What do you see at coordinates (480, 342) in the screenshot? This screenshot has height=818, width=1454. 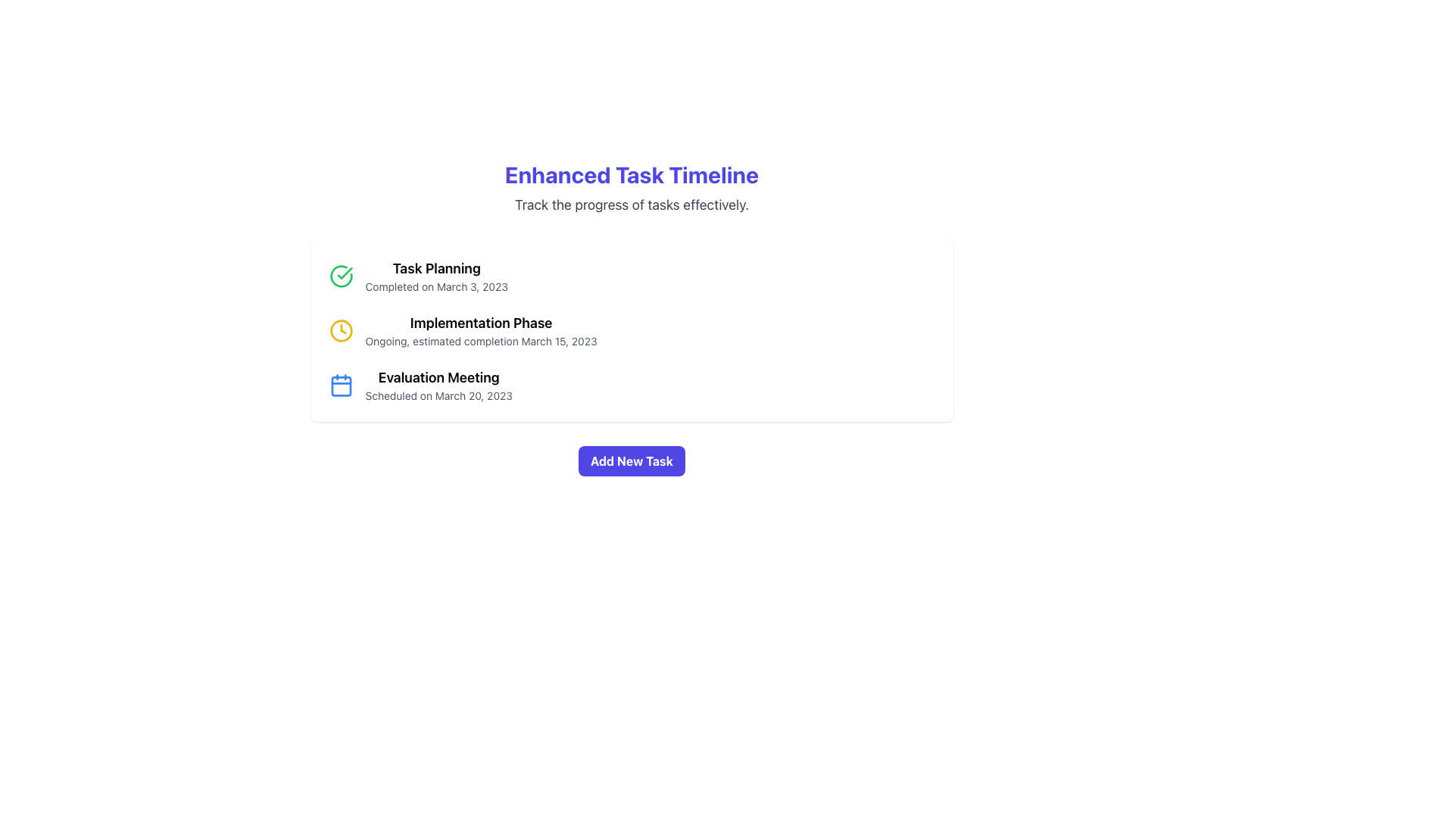 I see `the text label that says 'Ongoing, estimated completion March 15, 2023', which is styled in gray and positioned below the heading 'Implementation Phase'` at bounding box center [480, 342].